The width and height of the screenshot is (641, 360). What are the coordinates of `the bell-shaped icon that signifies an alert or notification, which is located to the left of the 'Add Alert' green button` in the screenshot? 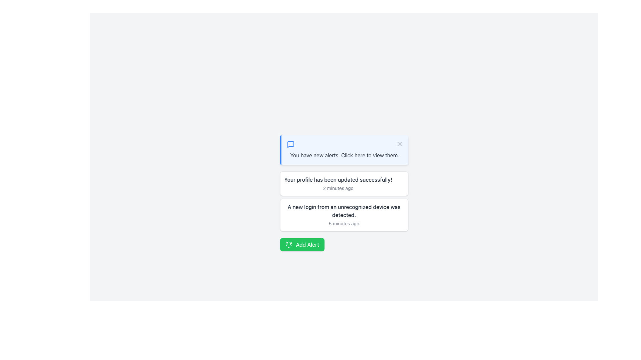 It's located at (288, 244).